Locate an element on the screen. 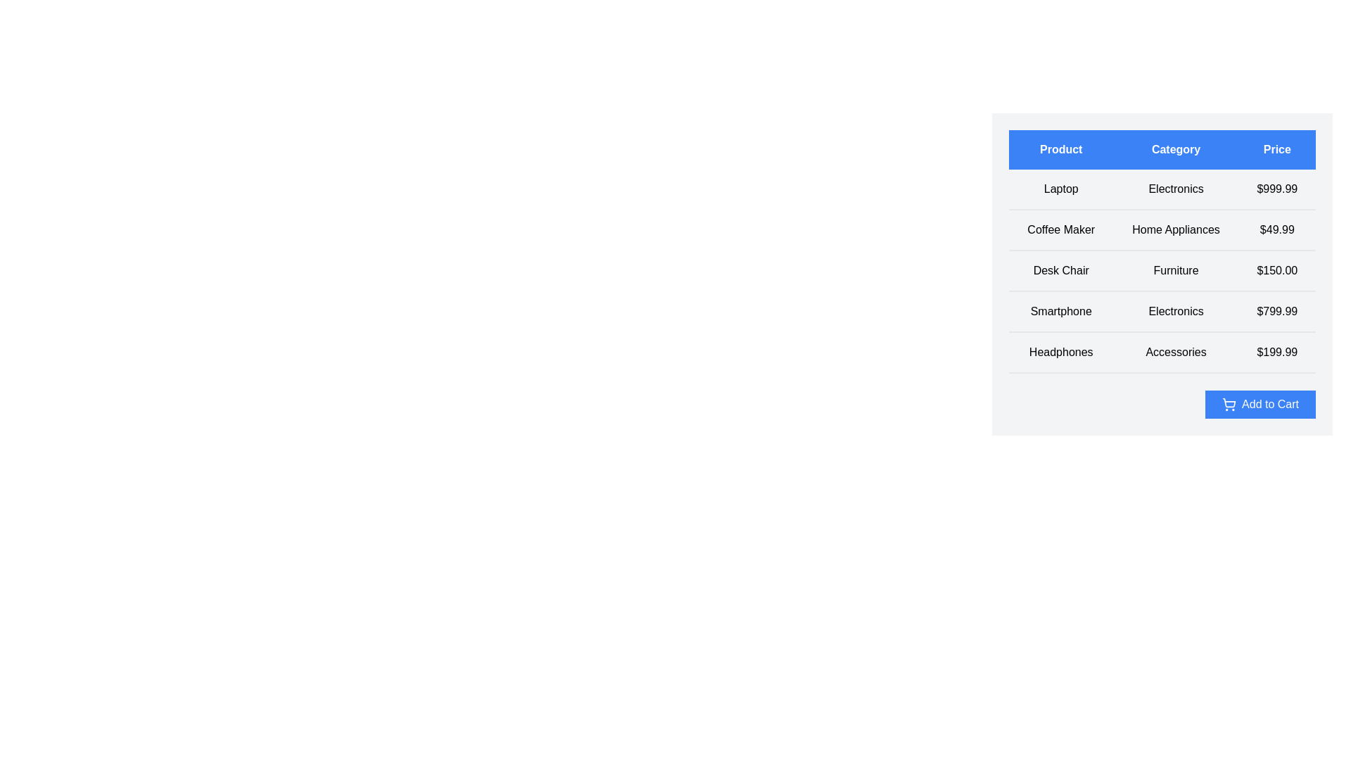  the text label displaying '$999.99' in the 'Price' column of the table, which corresponds to the 'Laptop' product in the first row is located at coordinates (1277, 189).